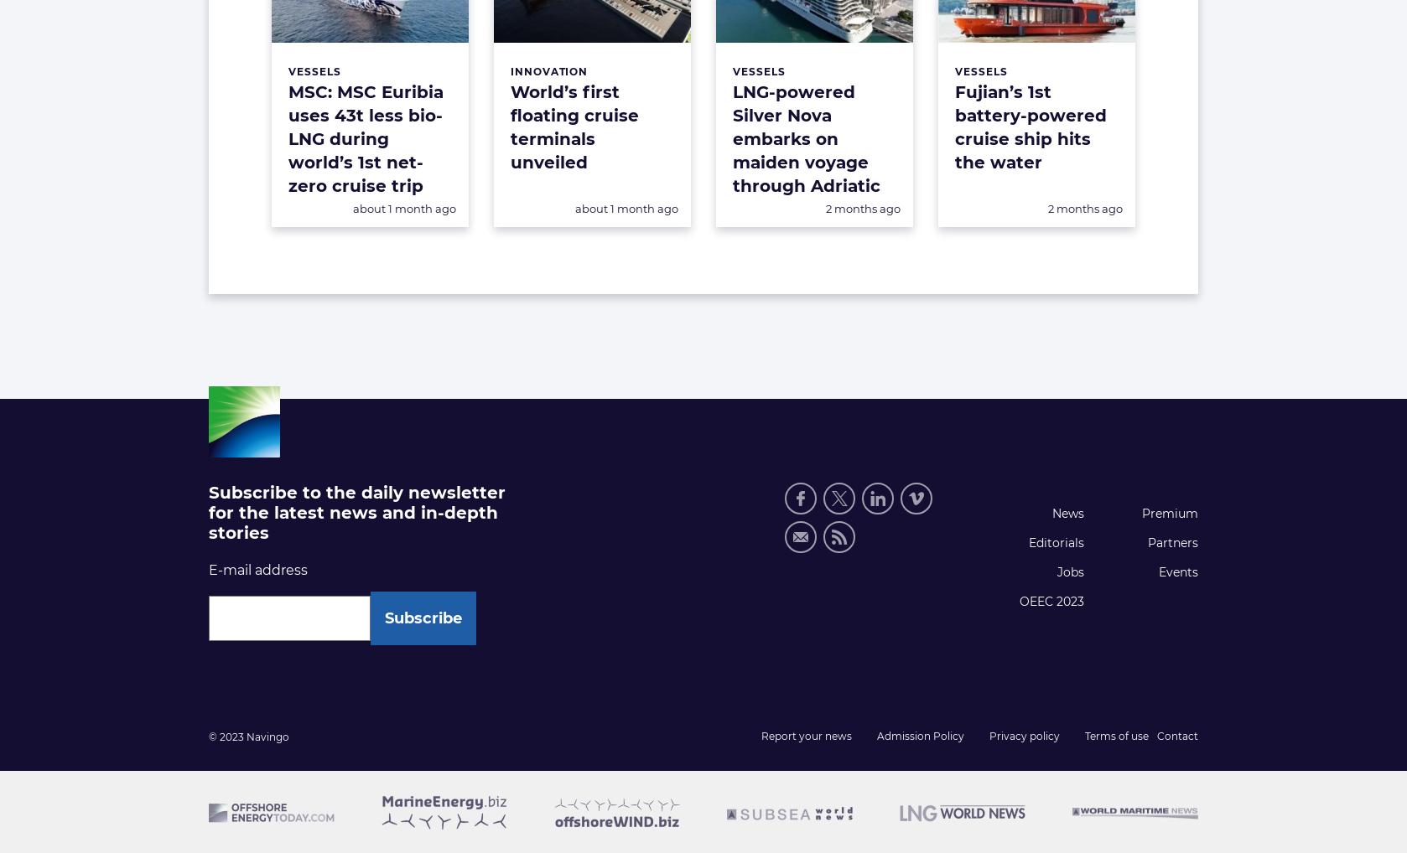 The height and width of the screenshot is (853, 1407). What do you see at coordinates (1176, 571) in the screenshot?
I see `'Events'` at bounding box center [1176, 571].